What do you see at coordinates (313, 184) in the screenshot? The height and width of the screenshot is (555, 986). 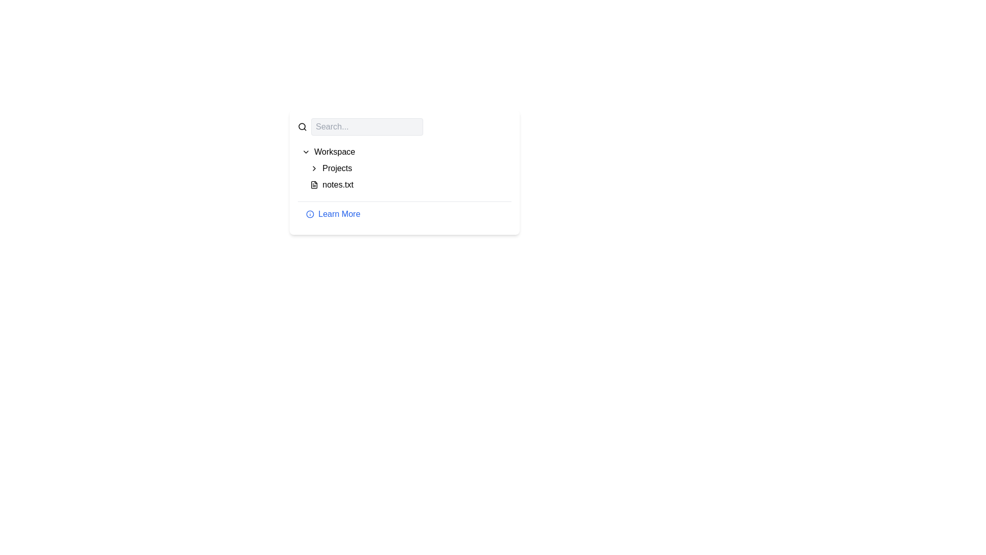 I see `the file icon representing 'notes.txt' located to the left of the text label in the interface` at bounding box center [313, 184].